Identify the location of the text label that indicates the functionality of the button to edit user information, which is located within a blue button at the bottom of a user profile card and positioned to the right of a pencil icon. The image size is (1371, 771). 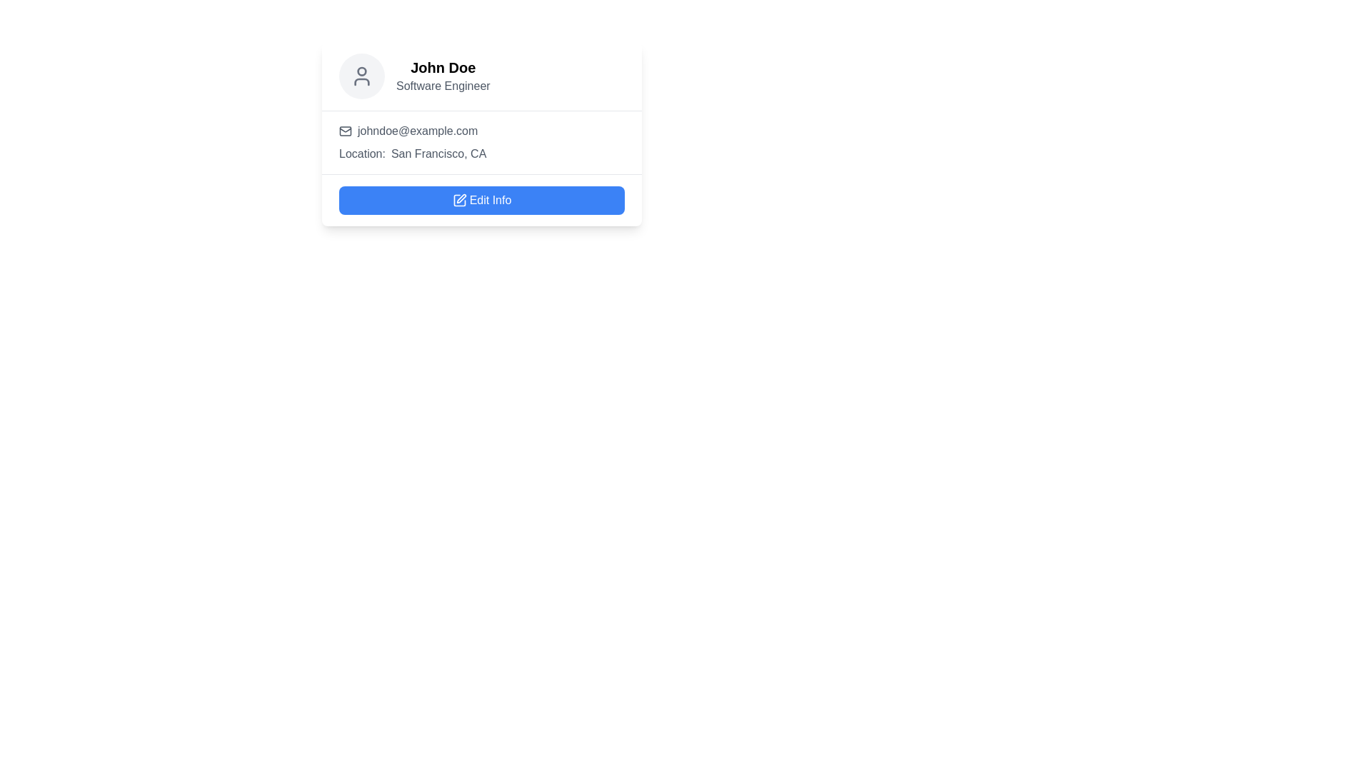
(490, 201).